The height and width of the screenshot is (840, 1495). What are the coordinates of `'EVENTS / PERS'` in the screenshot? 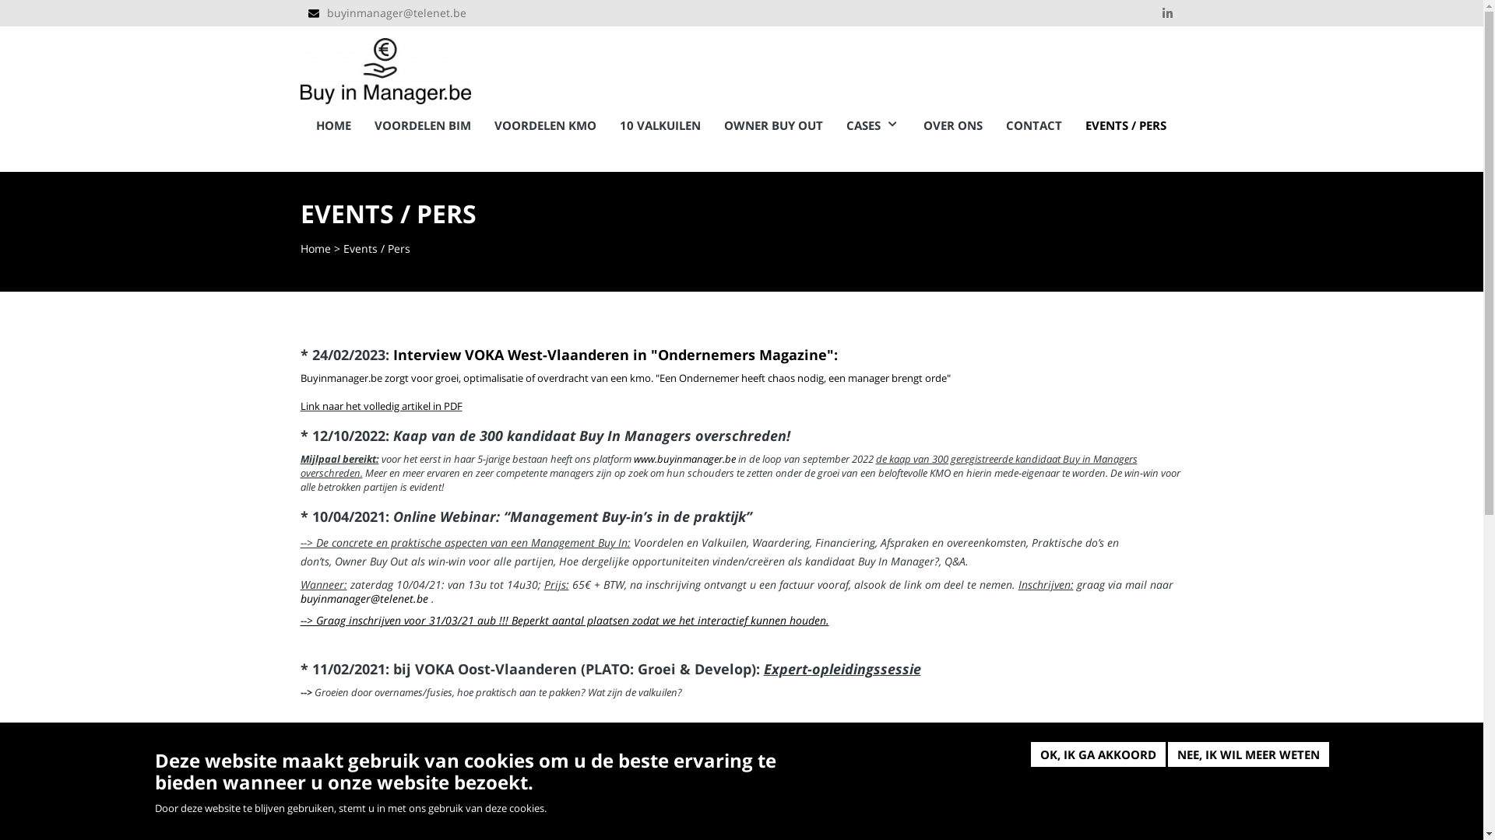 It's located at (1125, 124).